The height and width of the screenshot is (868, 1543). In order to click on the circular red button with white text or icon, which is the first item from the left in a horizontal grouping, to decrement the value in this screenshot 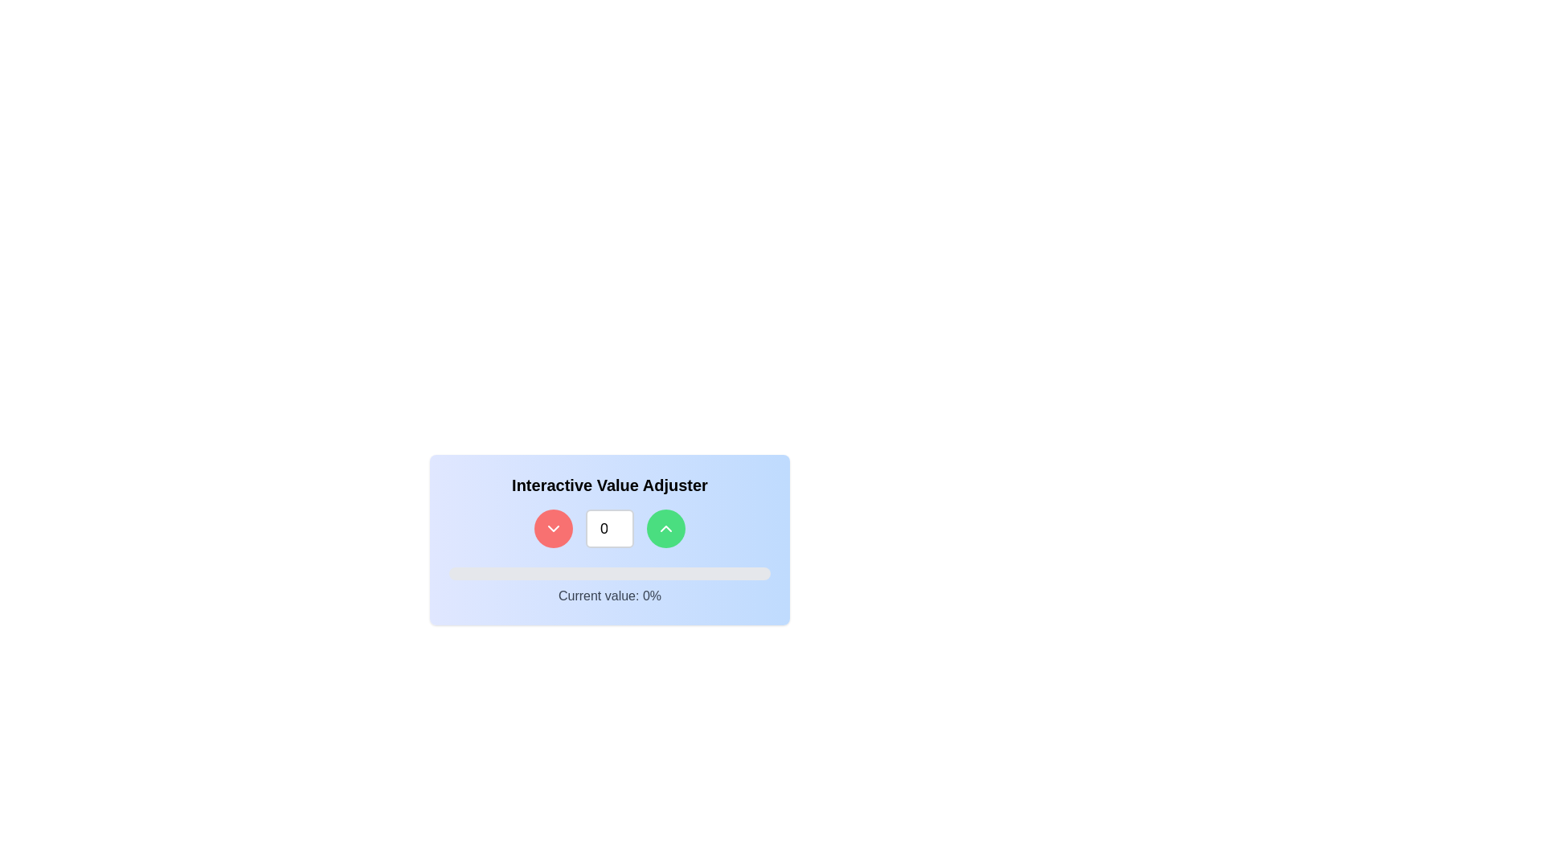, I will do `click(554, 529)`.